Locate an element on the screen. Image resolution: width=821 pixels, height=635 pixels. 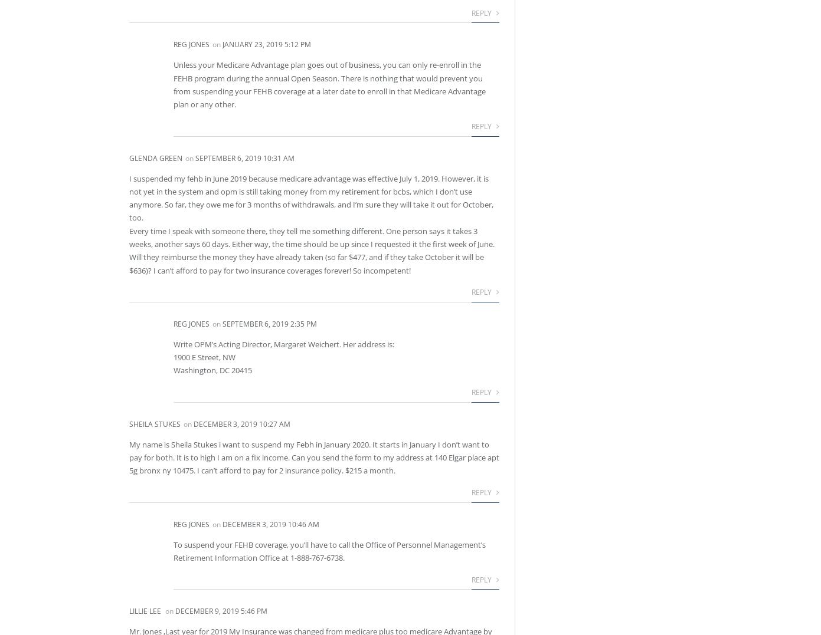
'1900 E Street, NW' is located at coordinates (204, 357).